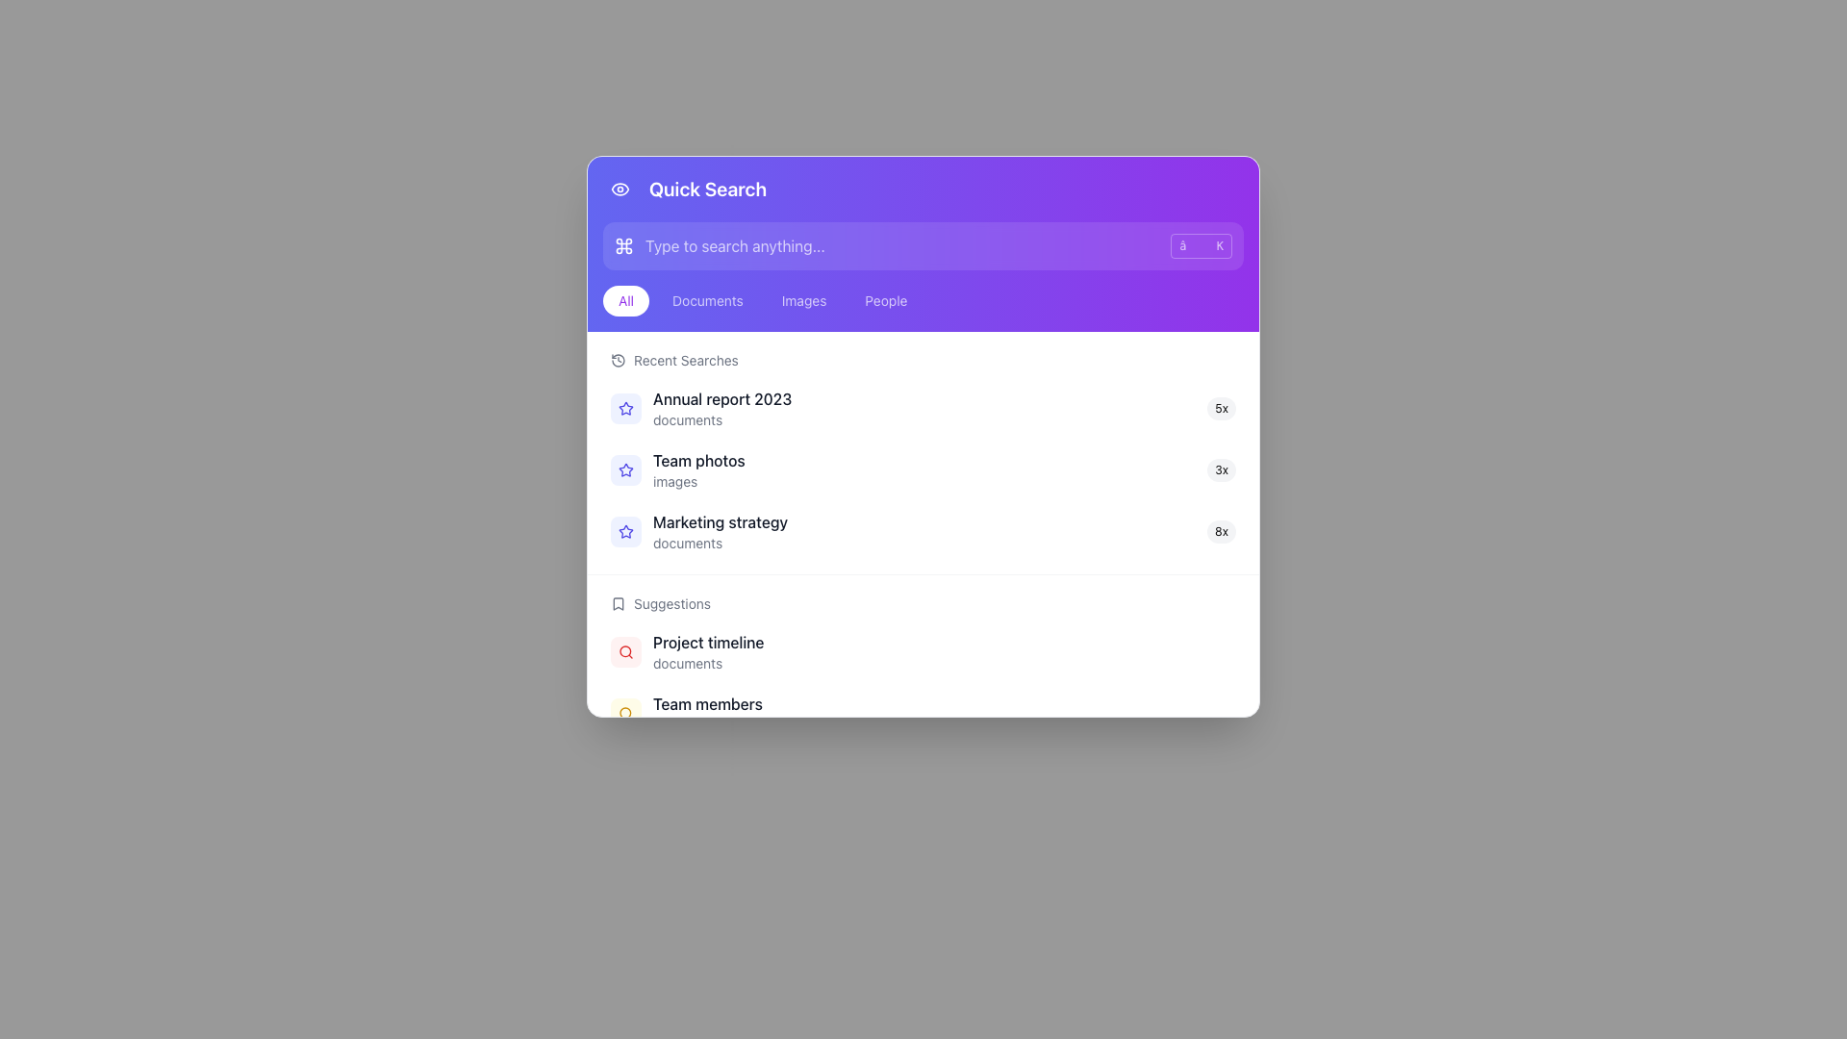 Image resolution: width=1847 pixels, height=1039 pixels. Describe the element at coordinates (923, 713) in the screenshot. I see `the 'Team members' button, which features a light background, a yellow magnifying glass icon, and bold text indicating 'Team members' with smaller text 'people' below it, located in the lower portion of the suggestions dropdown` at that location.